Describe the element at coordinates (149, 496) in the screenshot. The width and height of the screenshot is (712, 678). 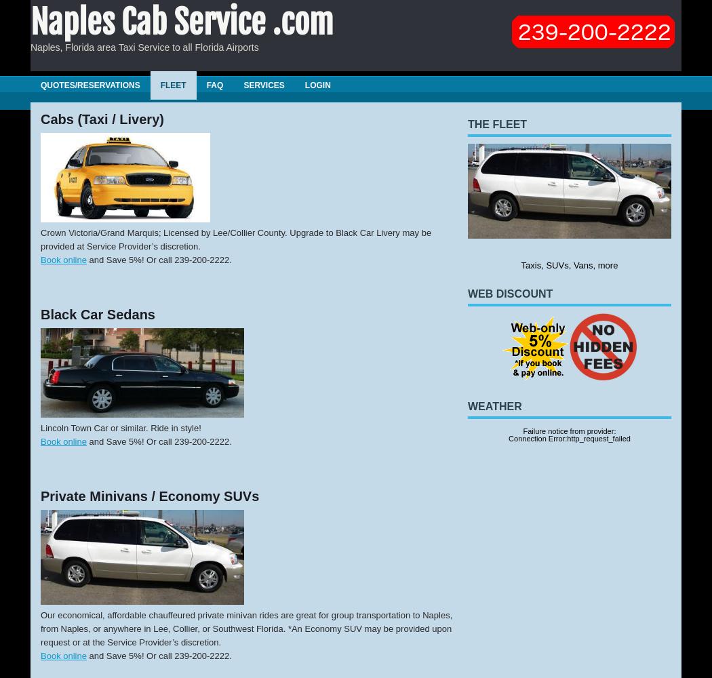
I see `'Private Minivans / Economy SUVs'` at that location.